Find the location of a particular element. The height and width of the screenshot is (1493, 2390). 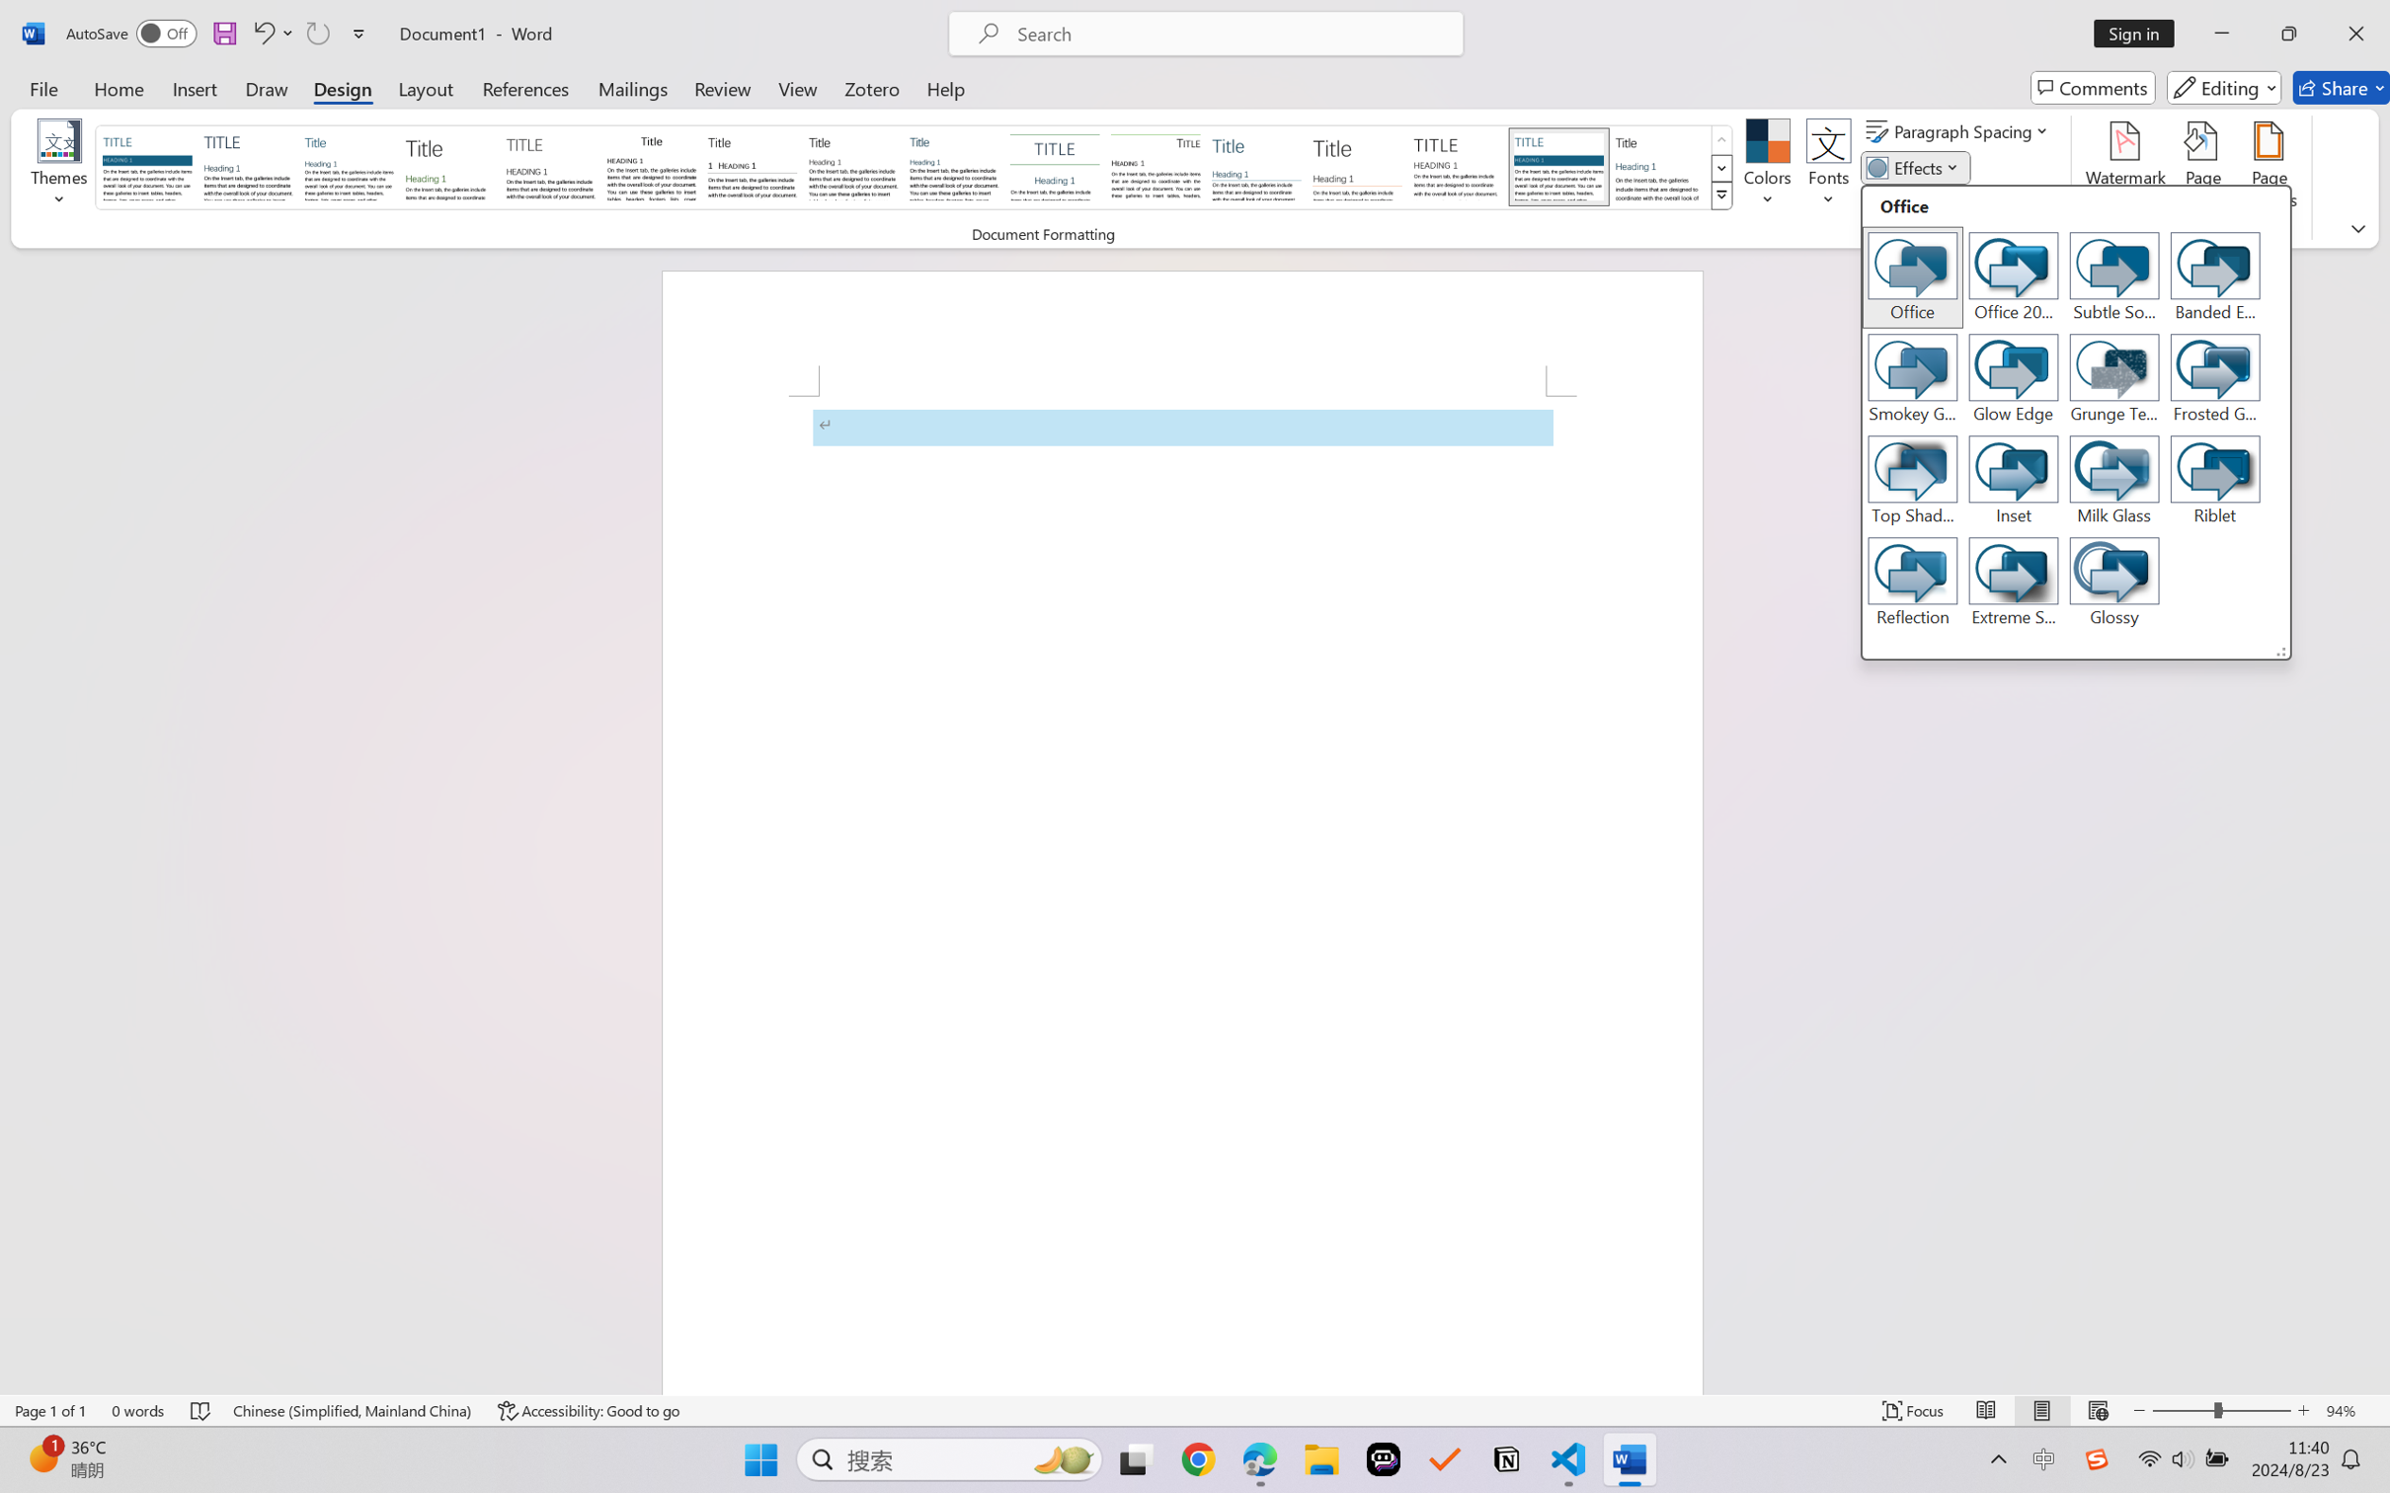

'AutomationID: QuickStylesSets' is located at coordinates (914, 168).